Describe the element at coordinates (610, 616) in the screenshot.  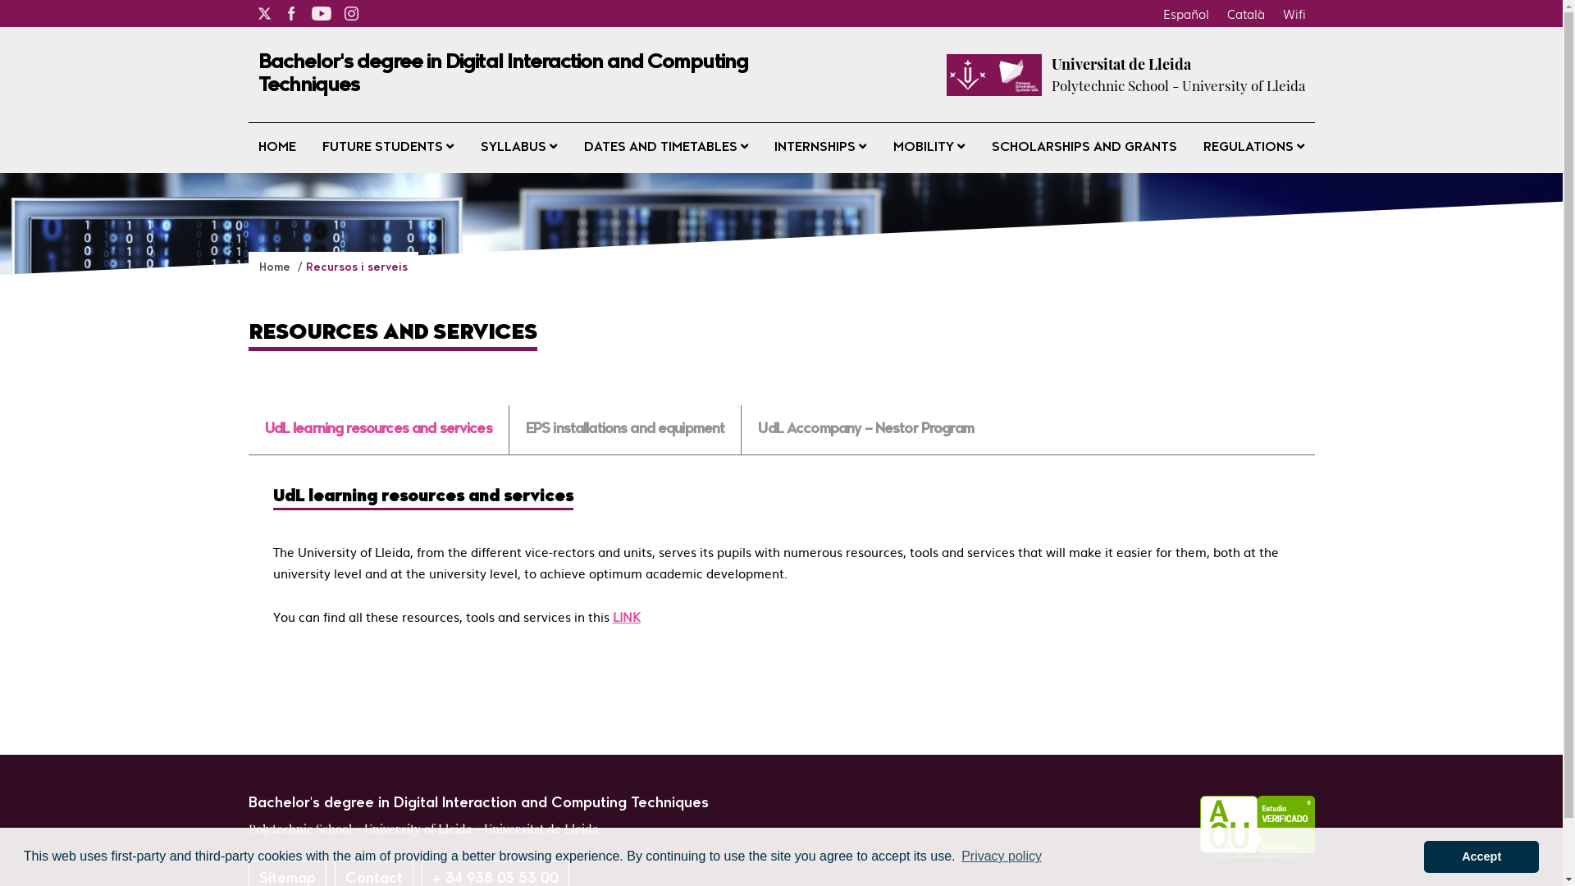
I see `'LINK'` at that location.